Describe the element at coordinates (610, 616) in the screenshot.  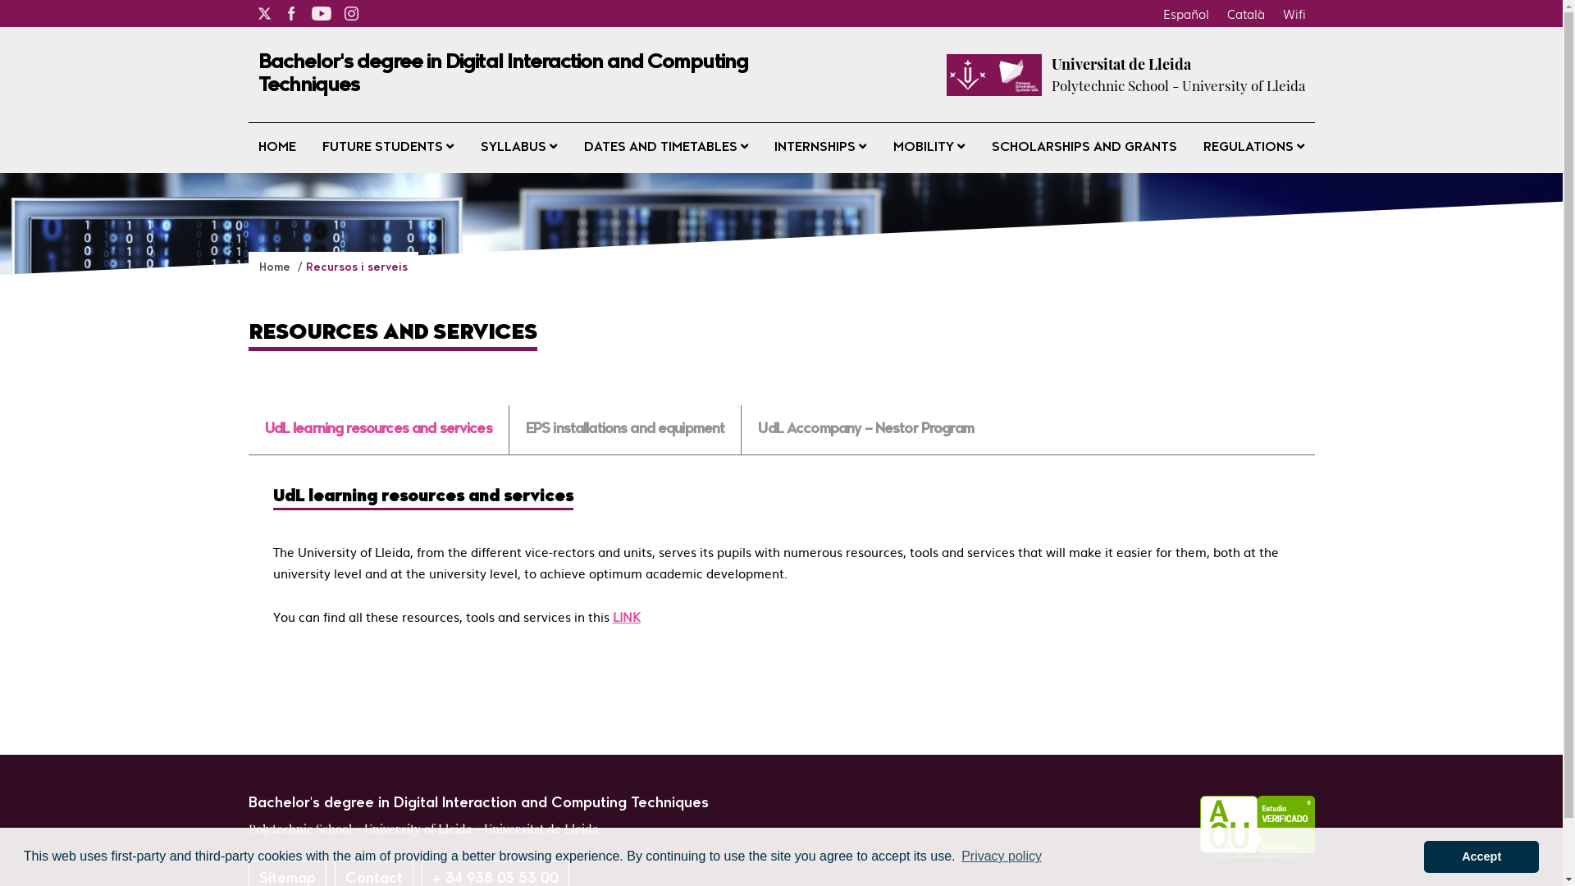
I see `'LINK'` at that location.